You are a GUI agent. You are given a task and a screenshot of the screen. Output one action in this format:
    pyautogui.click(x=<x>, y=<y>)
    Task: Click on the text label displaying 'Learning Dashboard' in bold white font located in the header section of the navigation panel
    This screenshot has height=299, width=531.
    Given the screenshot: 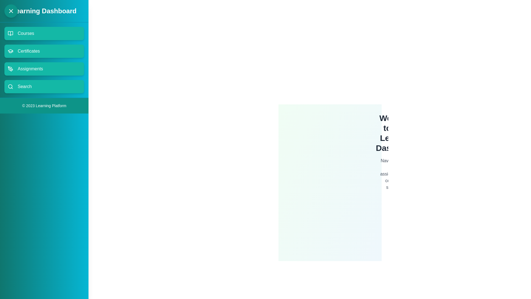 What is the action you would take?
    pyautogui.click(x=44, y=11)
    